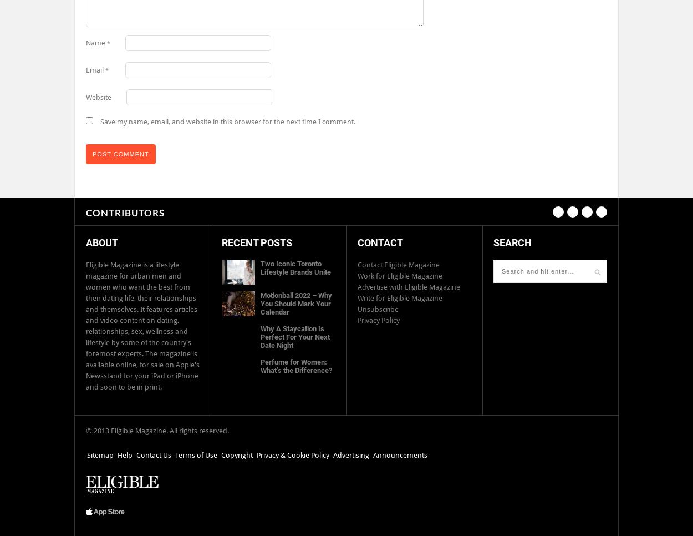 The height and width of the screenshot is (536, 693). Describe the element at coordinates (117, 455) in the screenshot. I see `'Help'` at that location.